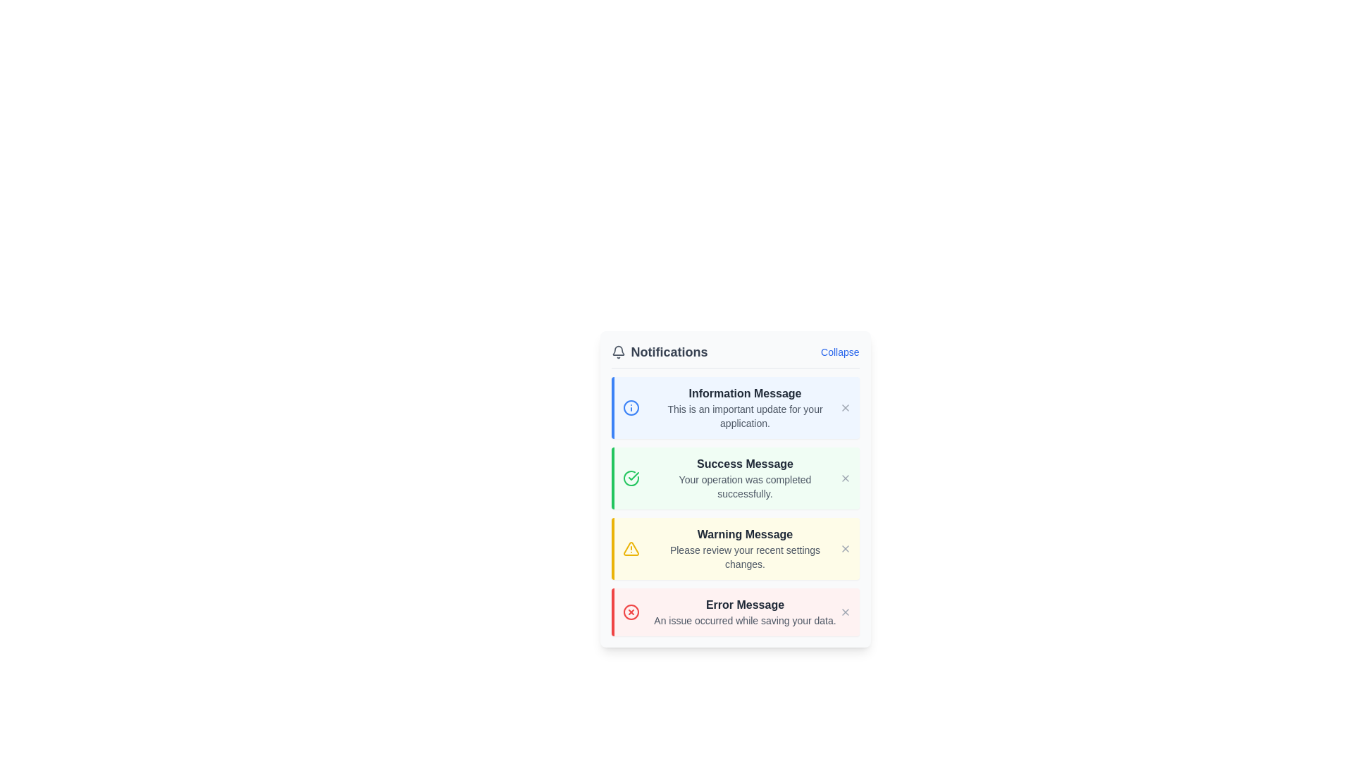  What do you see at coordinates (734, 477) in the screenshot?
I see `the second notification block that notifies the user of the successful completion of an action` at bounding box center [734, 477].